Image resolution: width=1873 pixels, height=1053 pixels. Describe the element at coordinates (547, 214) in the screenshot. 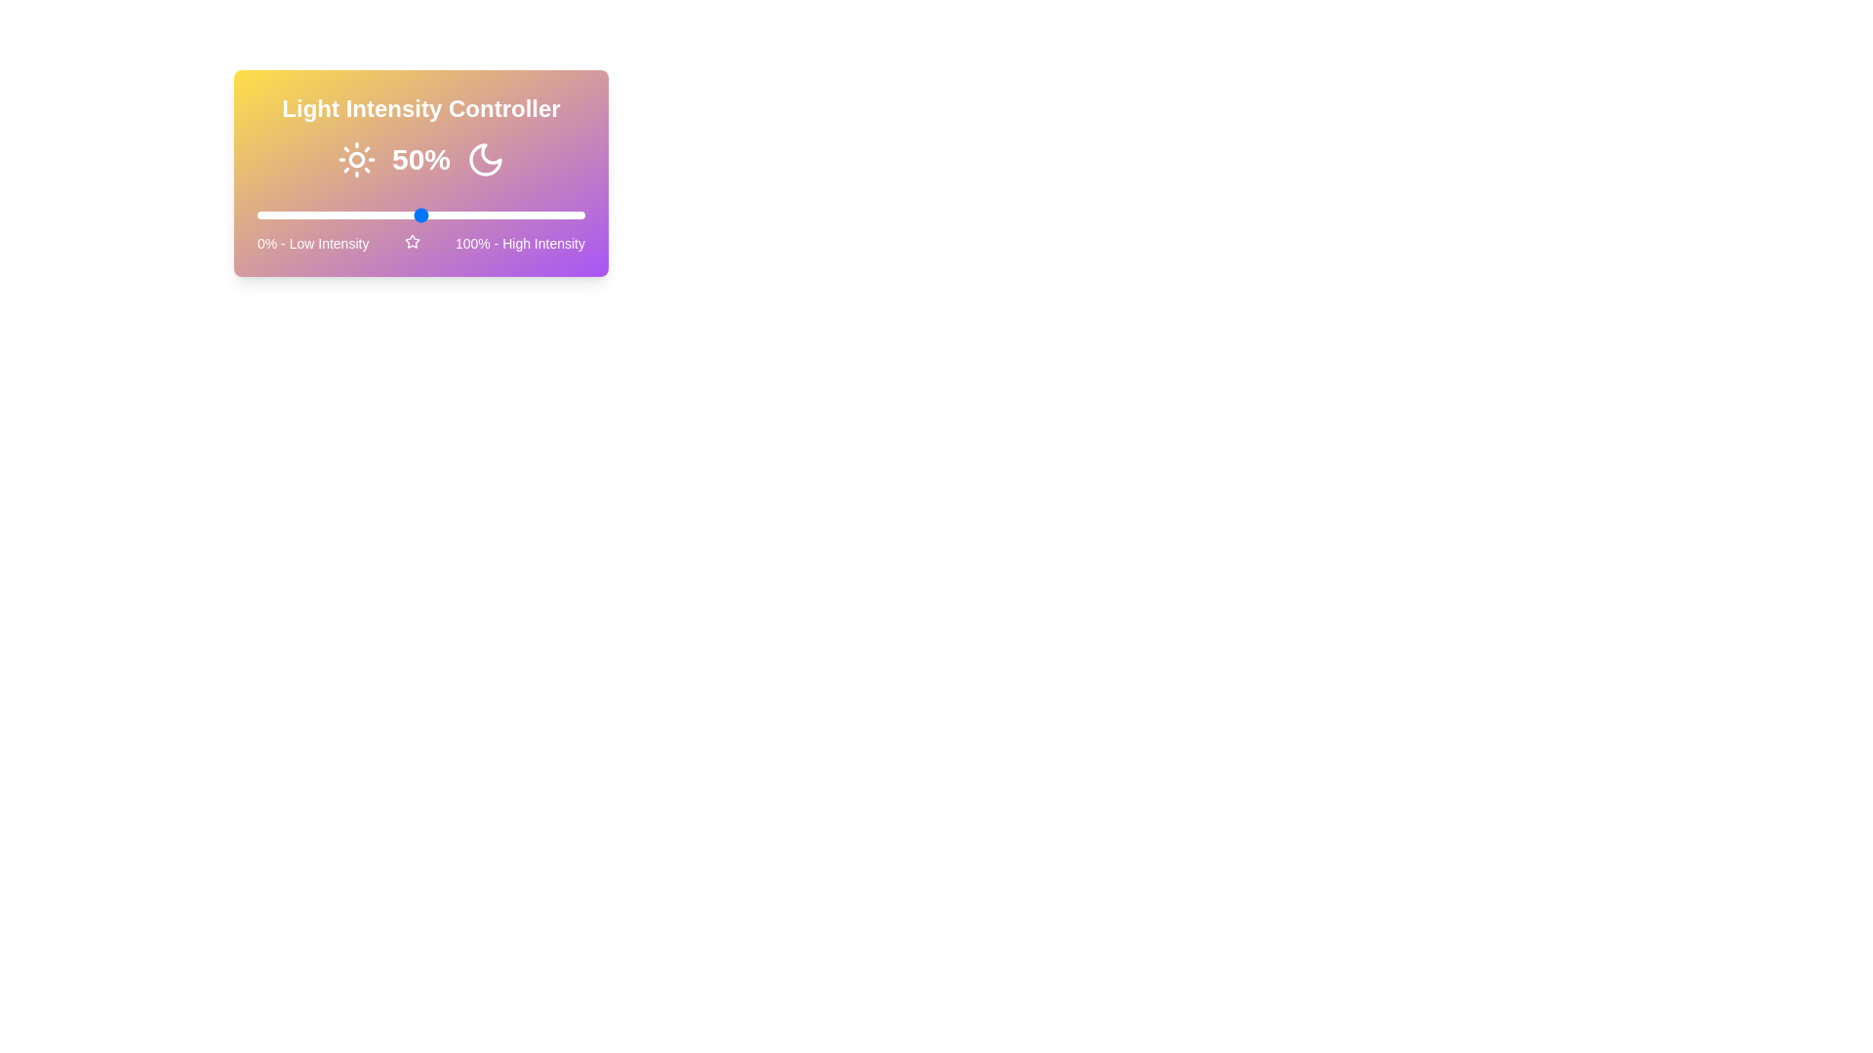

I see `the light intensity to 89%, where 89 is a value between 0 and 100` at that location.